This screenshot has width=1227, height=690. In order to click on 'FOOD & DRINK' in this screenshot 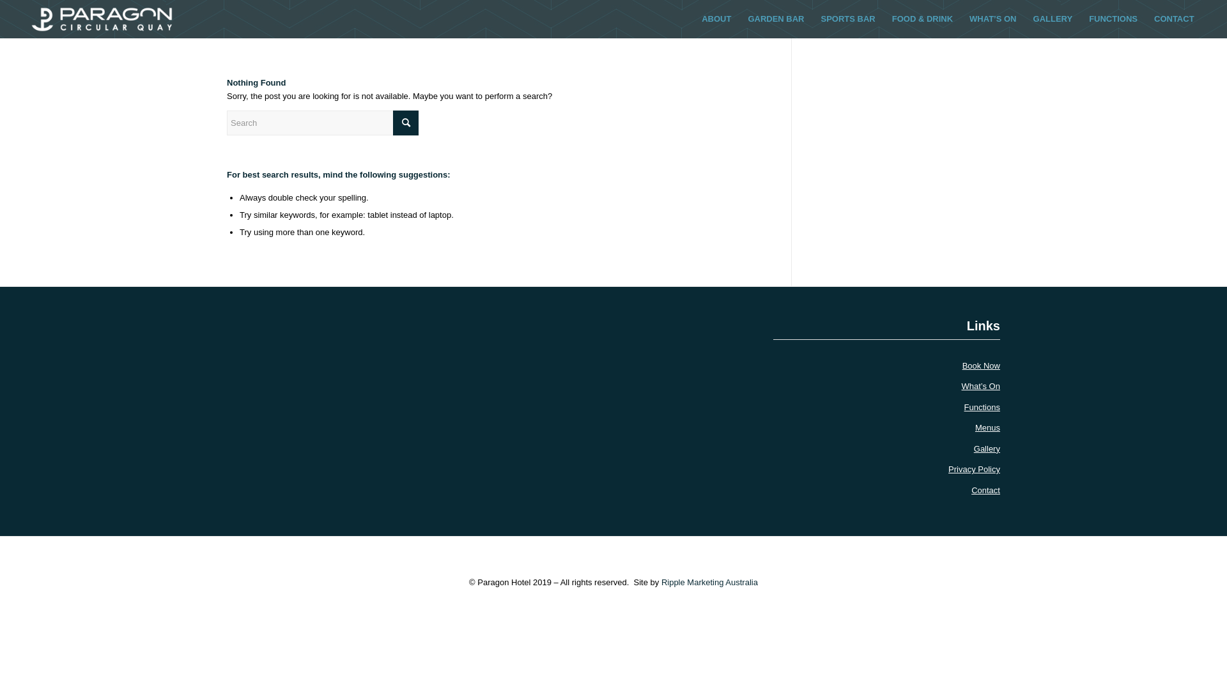, I will do `click(922, 19)`.